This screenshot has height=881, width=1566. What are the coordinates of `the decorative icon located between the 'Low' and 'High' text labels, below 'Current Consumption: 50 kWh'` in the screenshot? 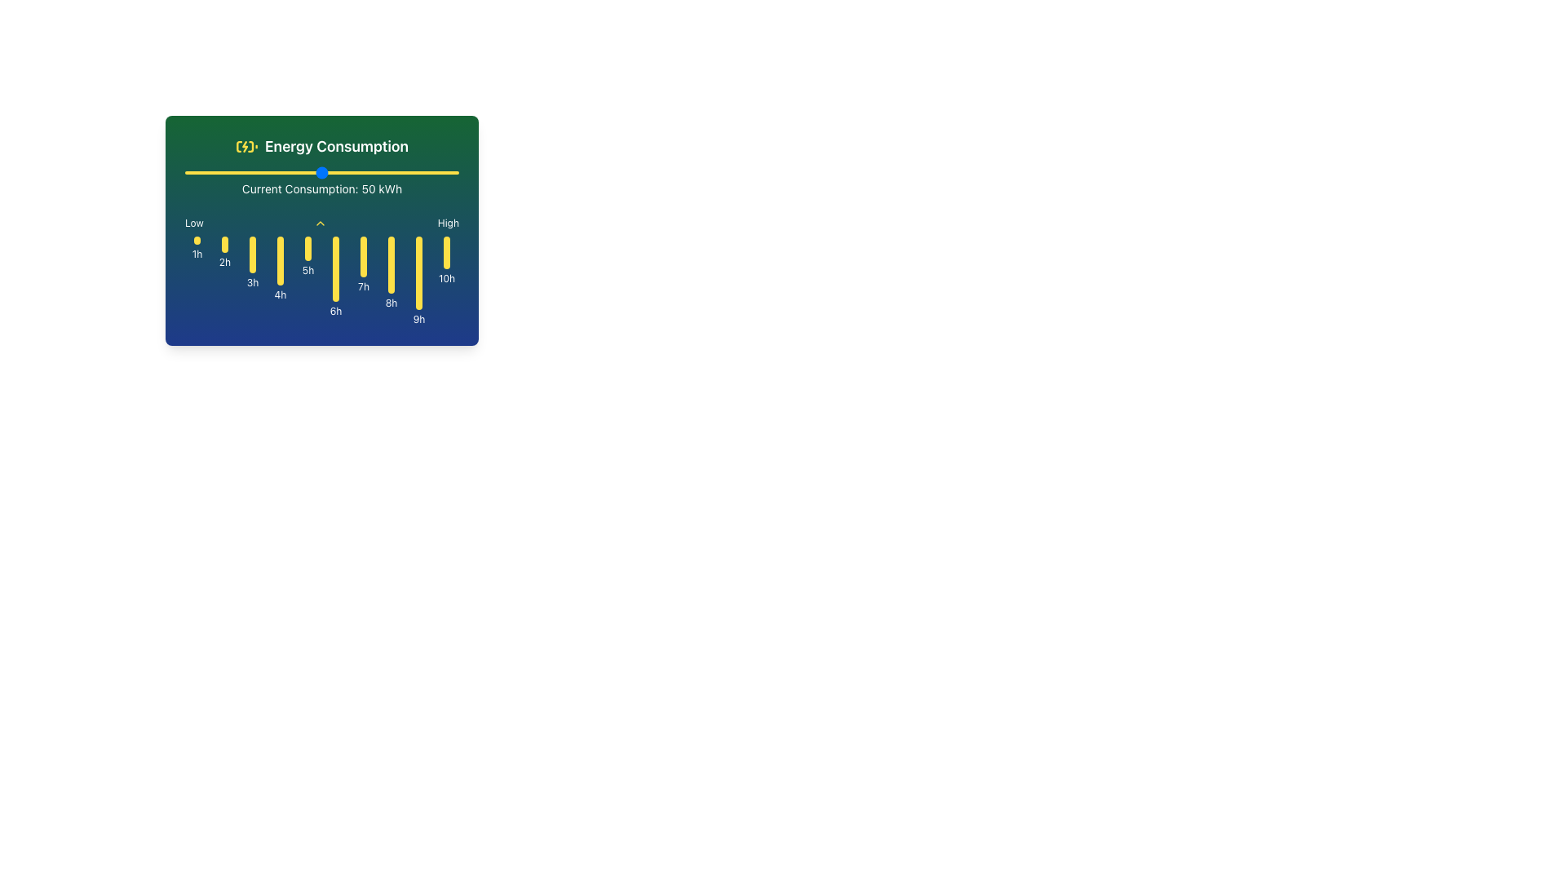 It's located at (321, 223).